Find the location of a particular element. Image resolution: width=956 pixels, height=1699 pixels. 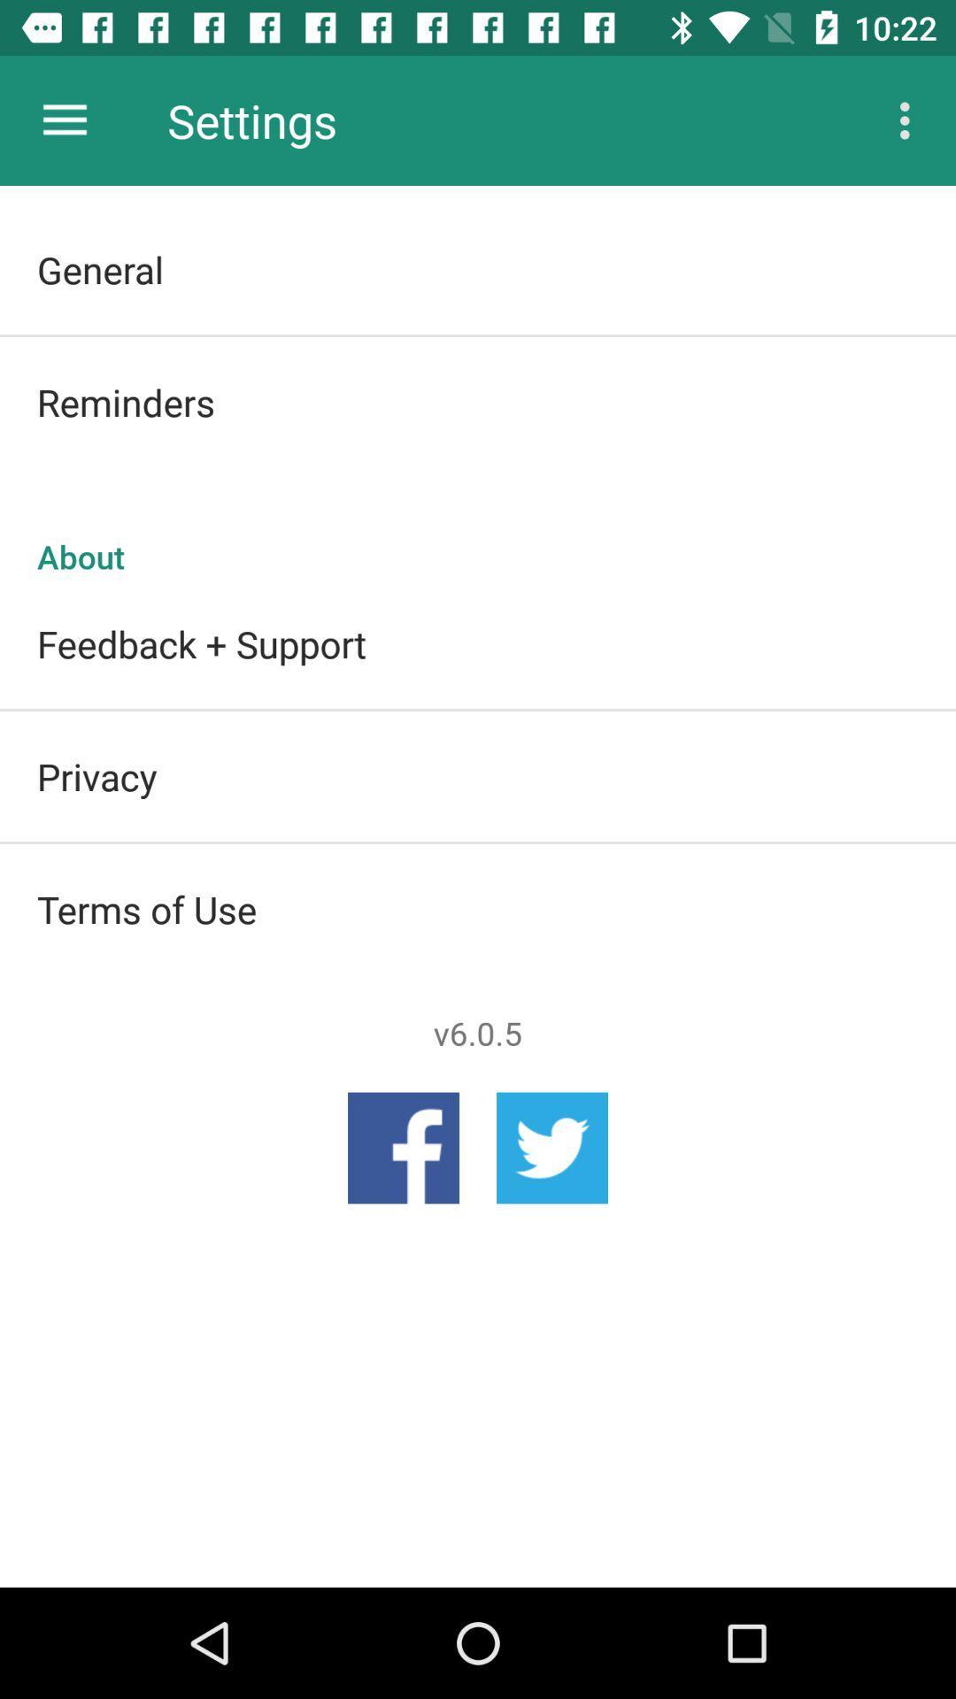

the feedback + support is located at coordinates (478, 642).